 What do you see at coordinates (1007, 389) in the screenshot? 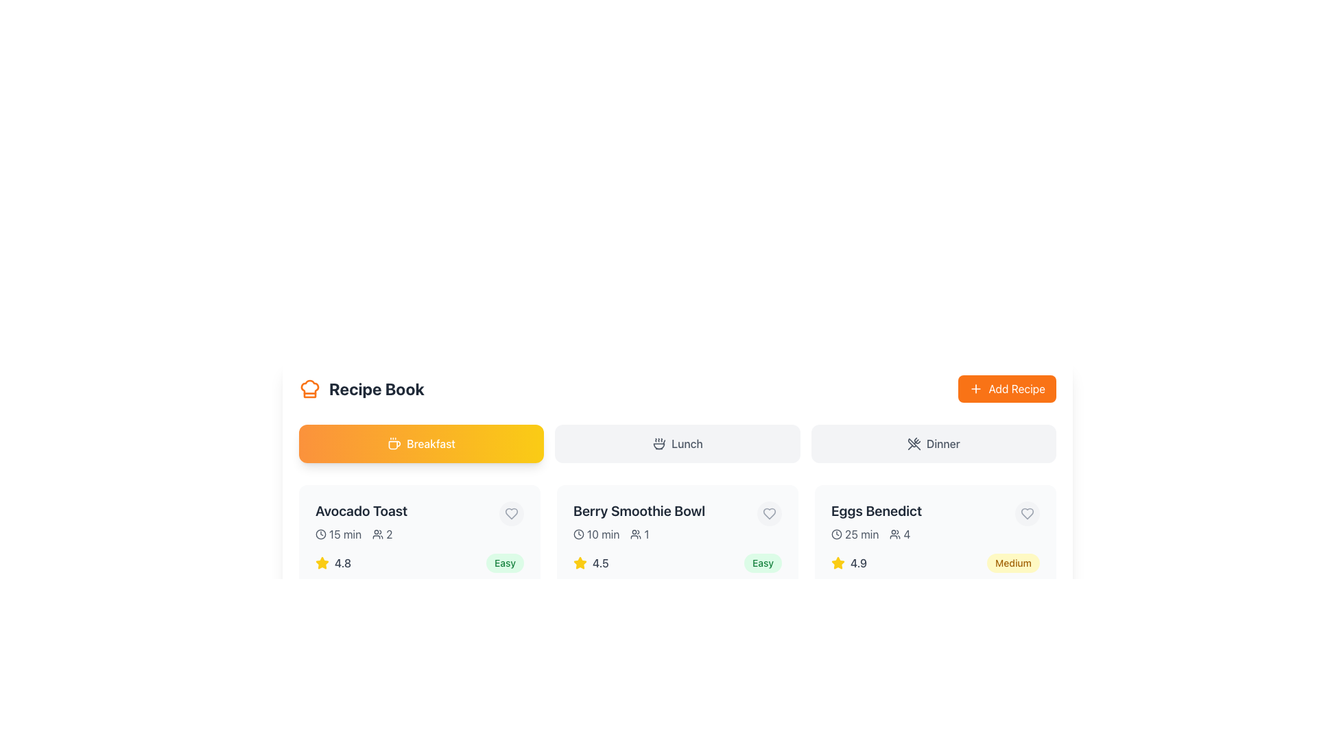
I see `the orange 'Add Recipe' button with white text and a plus sign icon located at the far right end of the header bar titled 'Recipe Book'` at bounding box center [1007, 389].